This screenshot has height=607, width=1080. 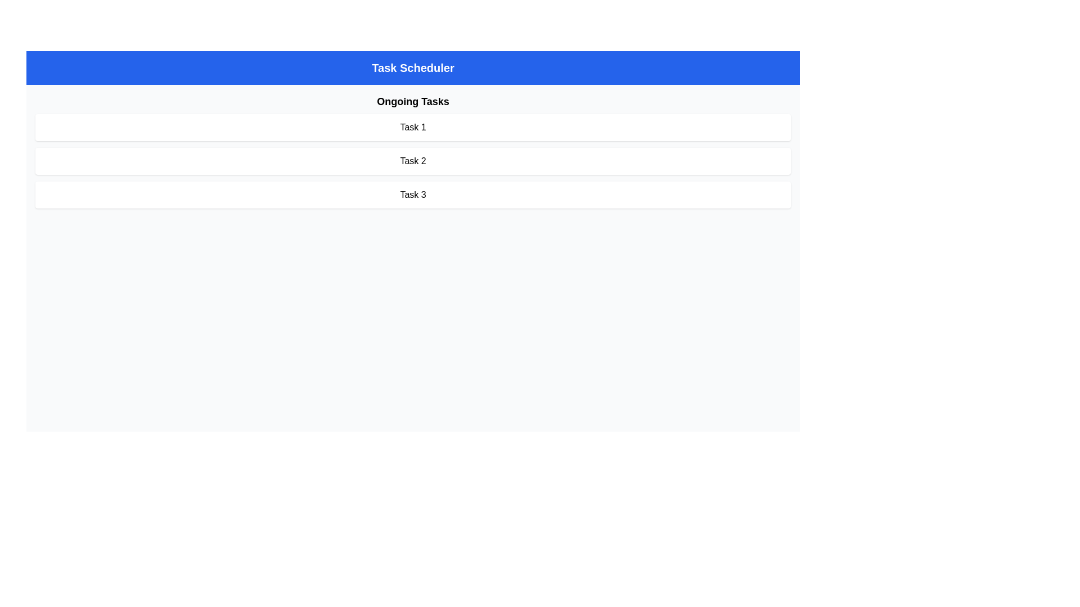 I want to click on the 'Task Scheduler' text label that serves as the header for the interface, located in the blue banner near the top of the page, so click(x=412, y=67).